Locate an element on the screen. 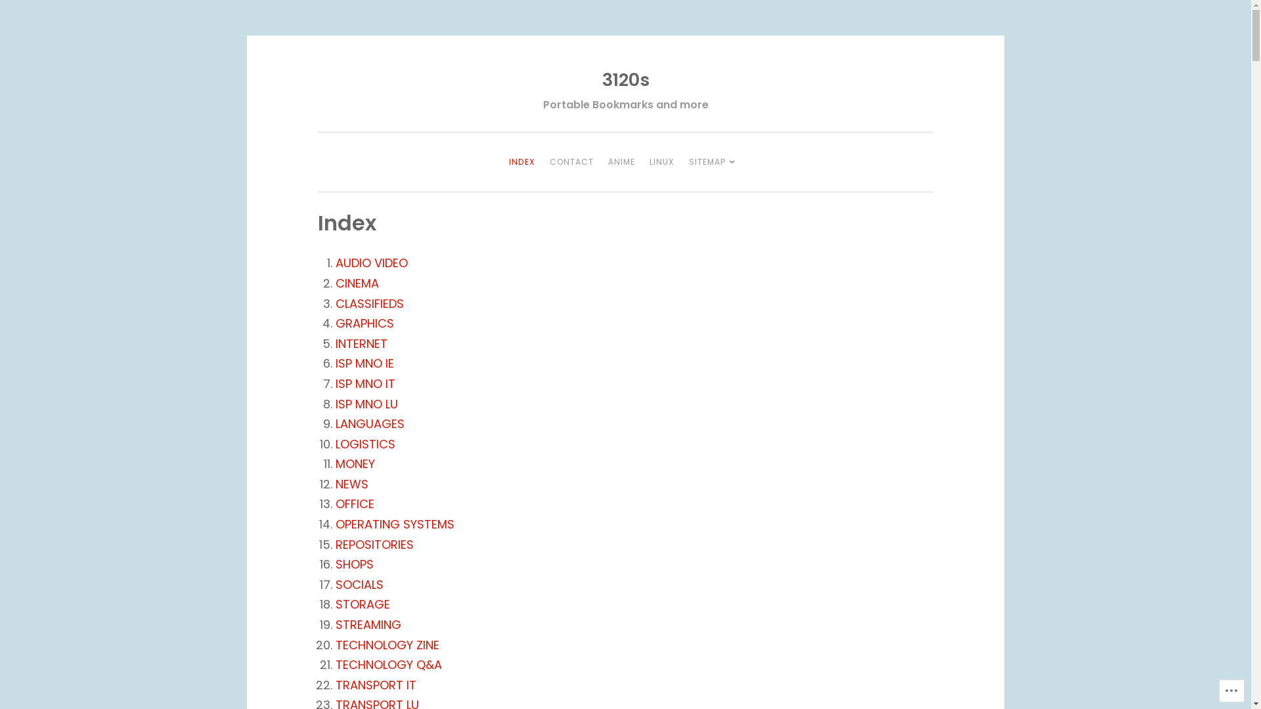 This screenshot has height=709, width=1261. 'CONTACT' is located at coordinates (571, 161).